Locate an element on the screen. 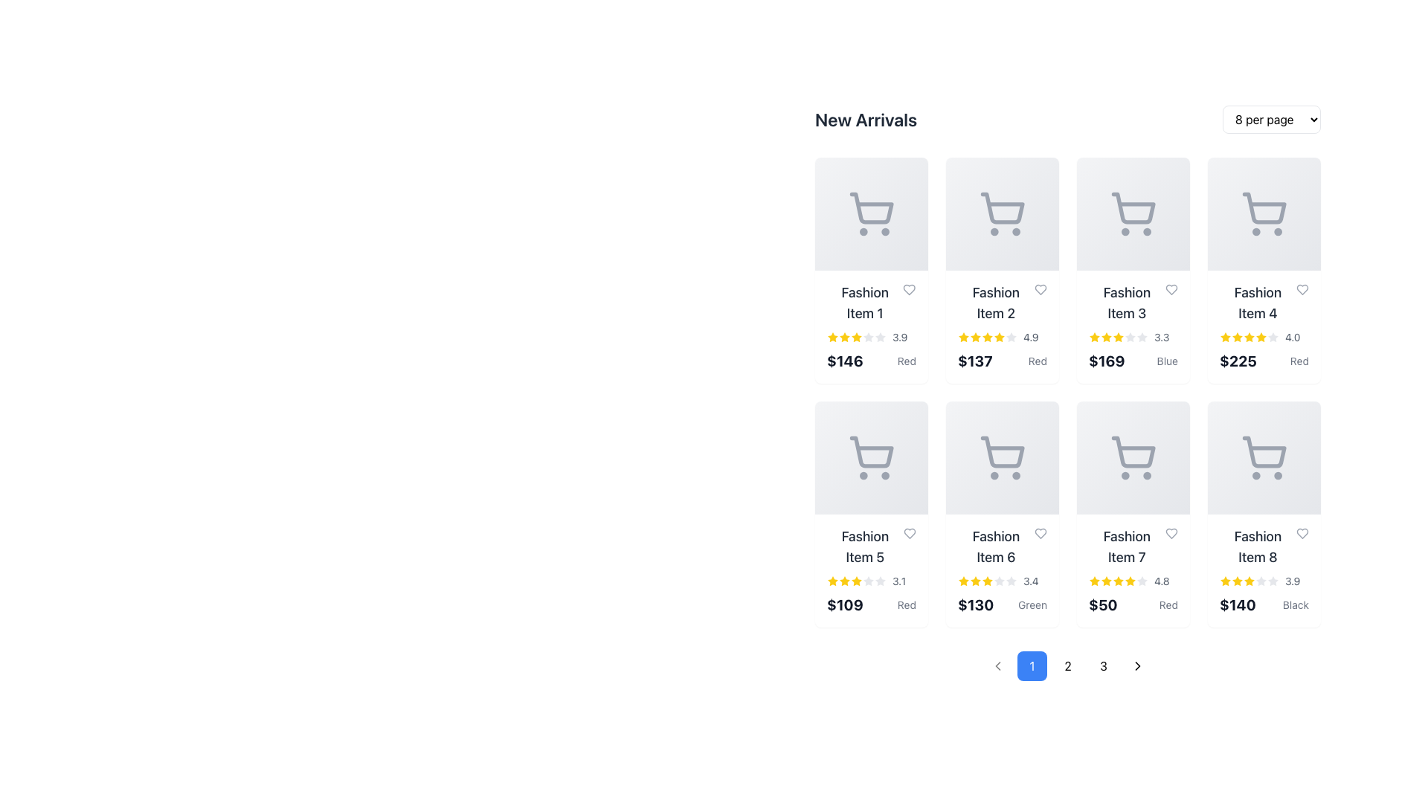 The width and height of the screenshot is (1428, 803). the star rating icon representing the quality of 'Fashion Item 1', located below its product image is located at coordinates (857, 337).